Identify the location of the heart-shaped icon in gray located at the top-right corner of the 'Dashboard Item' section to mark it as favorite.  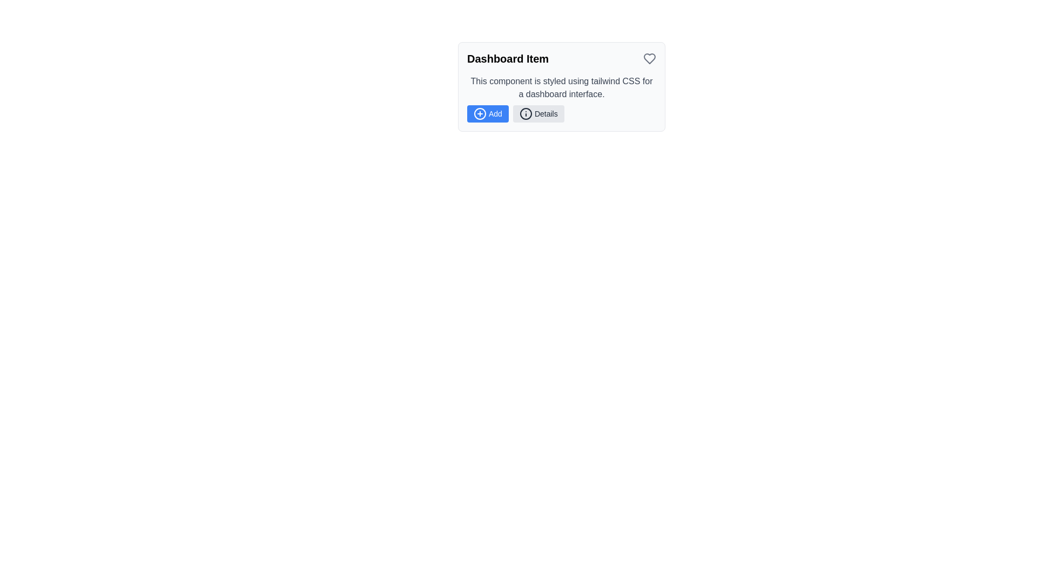
(649, 58).